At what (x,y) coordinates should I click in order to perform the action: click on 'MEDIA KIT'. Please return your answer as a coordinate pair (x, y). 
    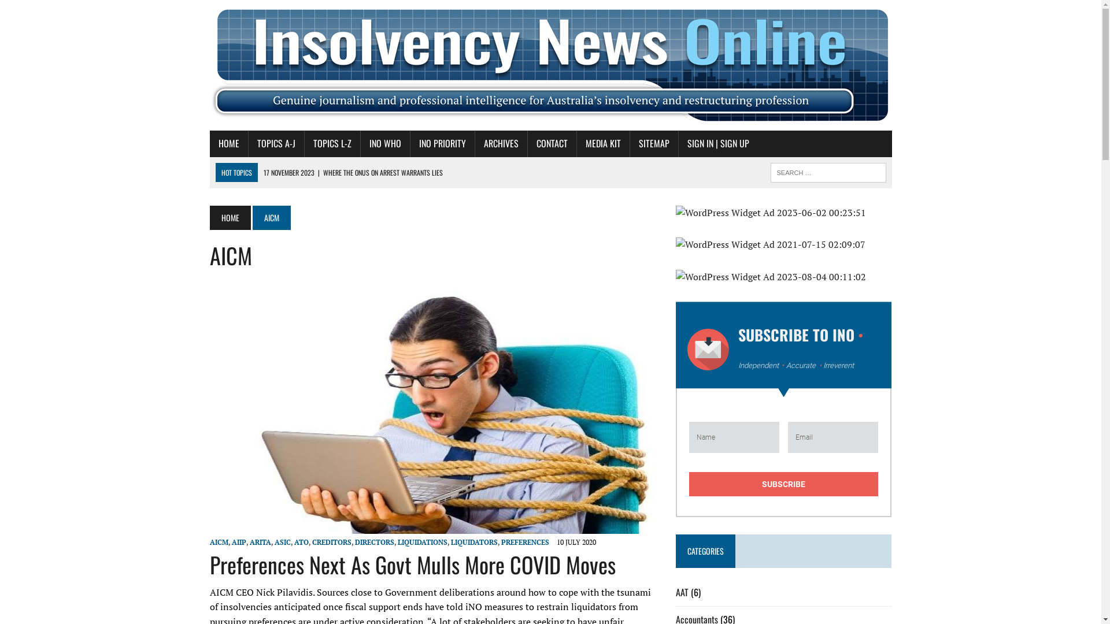
    Looking at the image, I should click on (577, 143).